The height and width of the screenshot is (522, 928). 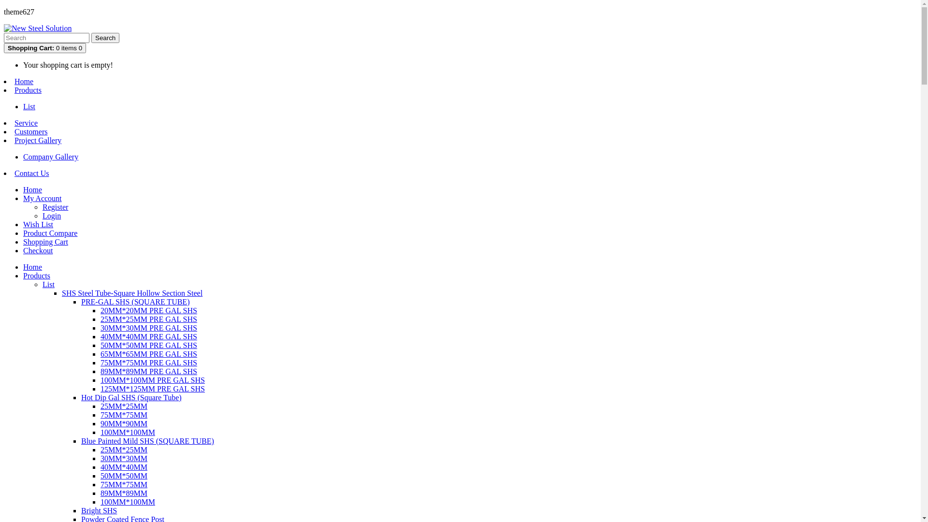 What do you see at coordinates (123, 406) in the screenshot?
I see `'25MM*25MM'` at bounding box center [123, 406].